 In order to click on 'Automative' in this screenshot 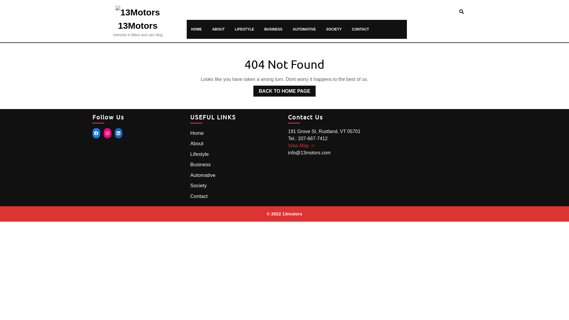, I will do `click(203, 175)`.